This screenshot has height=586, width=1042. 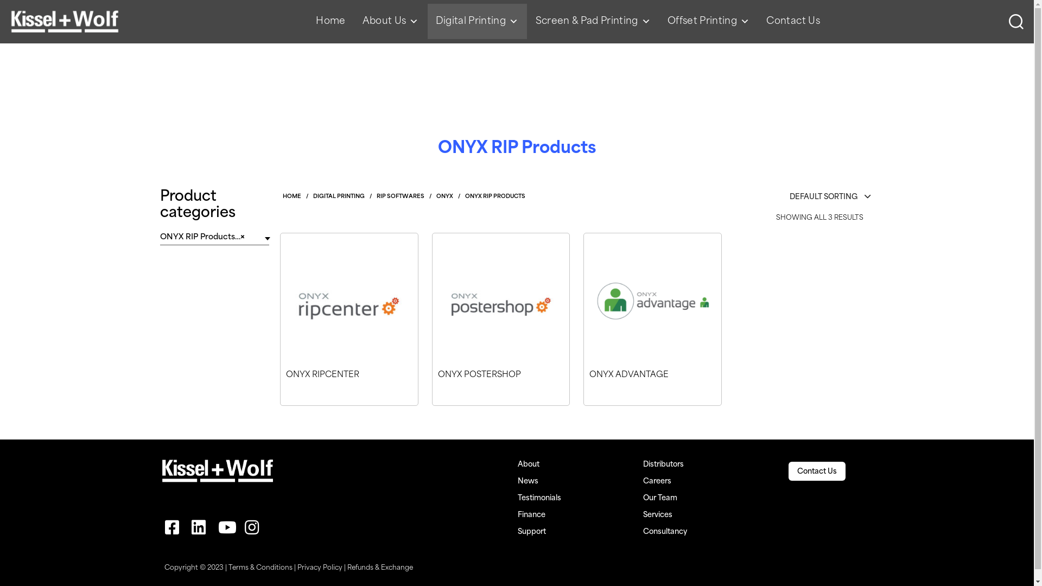 What do you see at coordinates (643, 531) in the screenshot?
I see `'Consultancy'` at bounding box center [643, 531].